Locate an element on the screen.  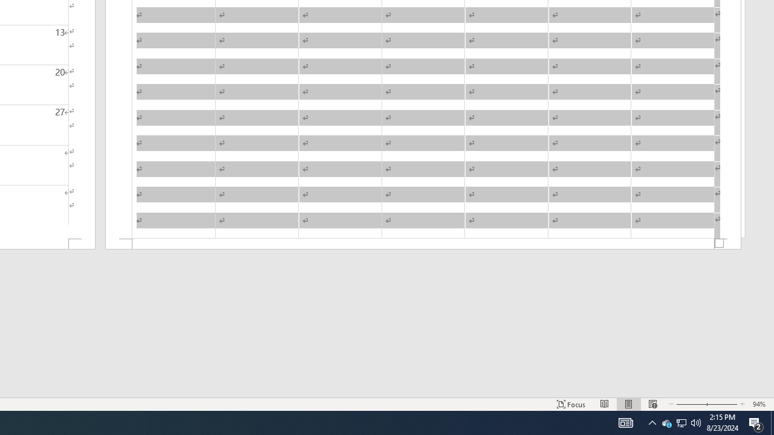
'Footer -Section 1-' is located at coordinates (423, 244).